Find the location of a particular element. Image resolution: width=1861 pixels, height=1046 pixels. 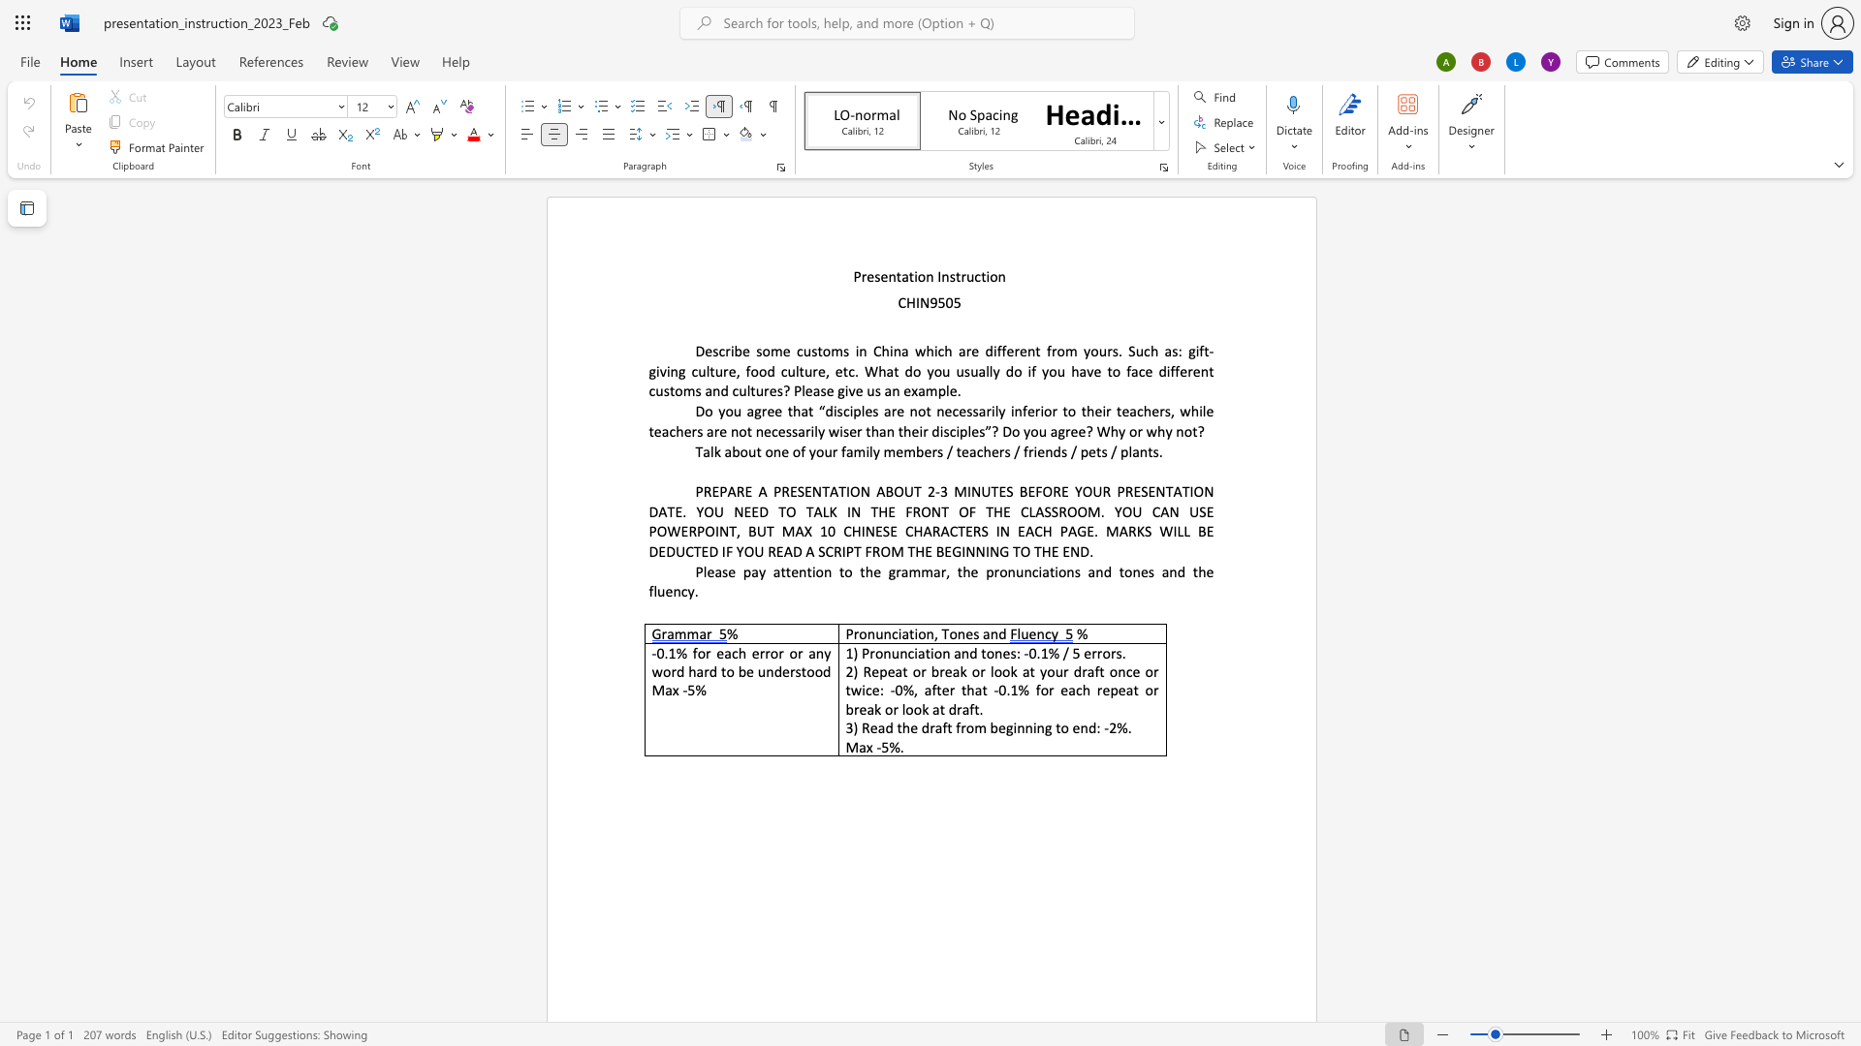

the 3th character "n" in the text is located at coordinates (945, 276).